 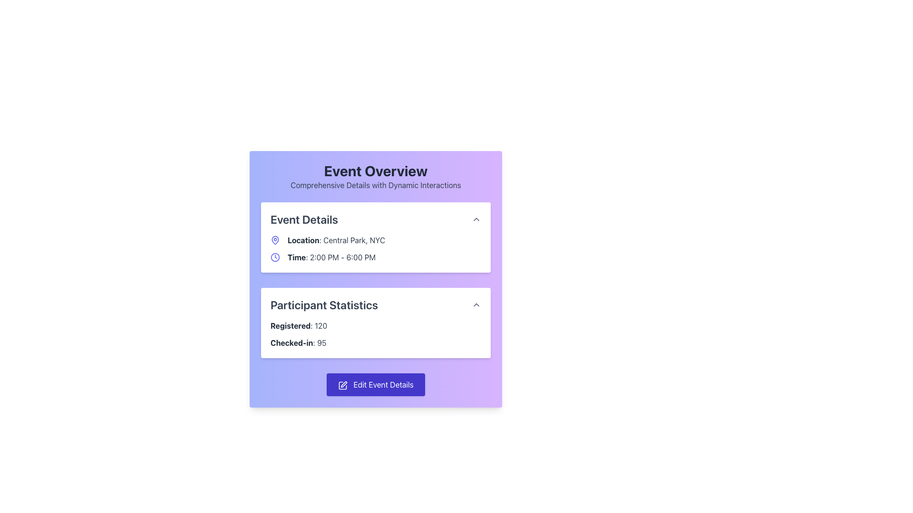 What do you see at coordinates (375, 170) in the screenshot?
I see `bold, large-sized text heading displaying 'Event Overview' located at the top-center of the card header` at bounding box center [375, 170].